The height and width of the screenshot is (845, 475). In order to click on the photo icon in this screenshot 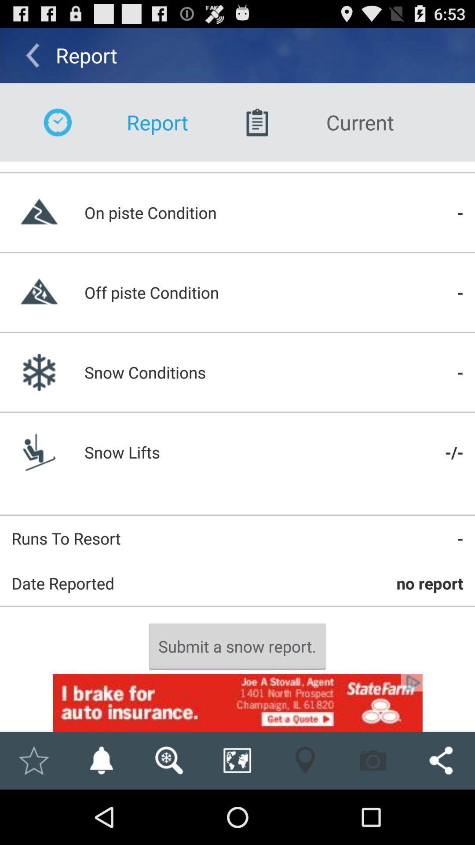, I will do `click(373, 813)`.